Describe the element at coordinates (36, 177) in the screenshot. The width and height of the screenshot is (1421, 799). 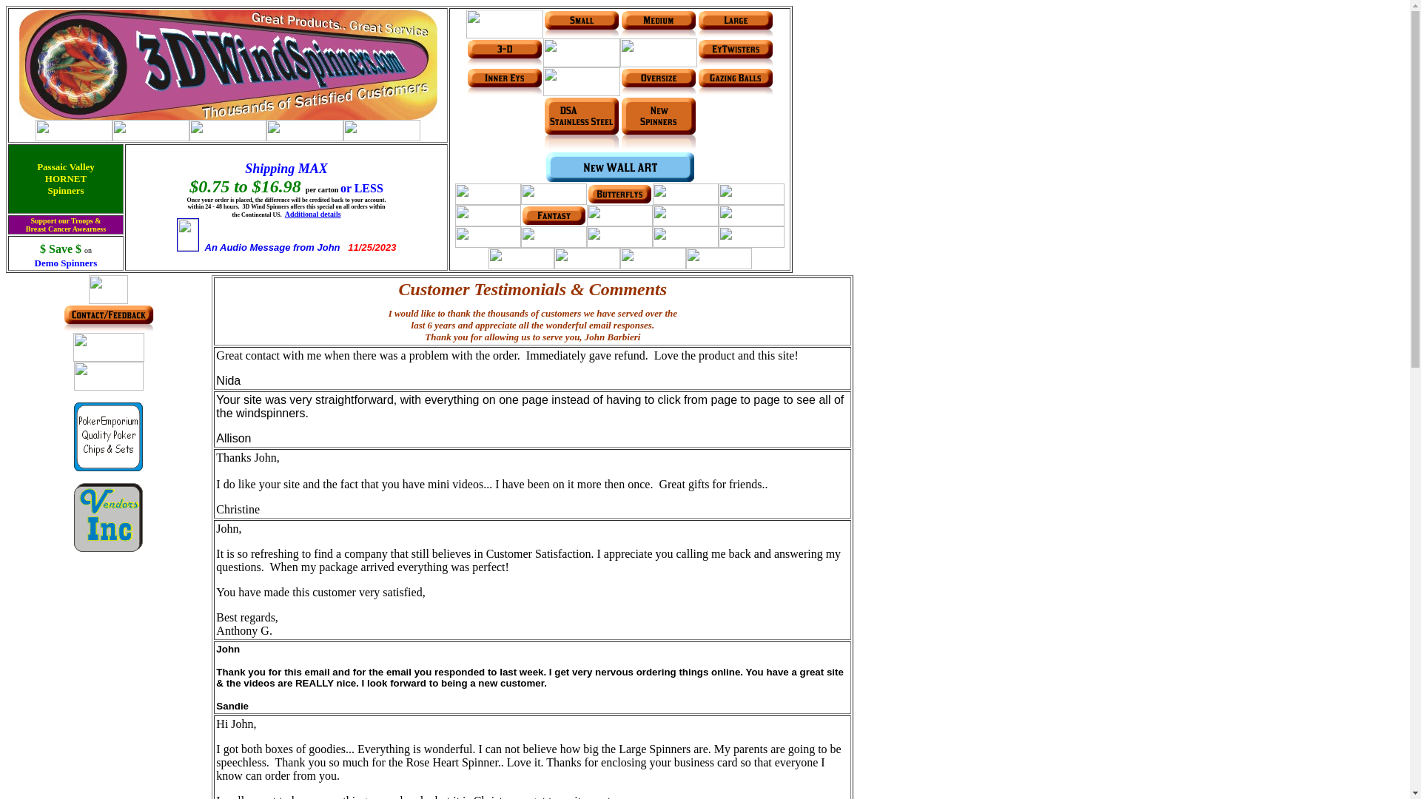
I see `'Passaic Valley` at that location.